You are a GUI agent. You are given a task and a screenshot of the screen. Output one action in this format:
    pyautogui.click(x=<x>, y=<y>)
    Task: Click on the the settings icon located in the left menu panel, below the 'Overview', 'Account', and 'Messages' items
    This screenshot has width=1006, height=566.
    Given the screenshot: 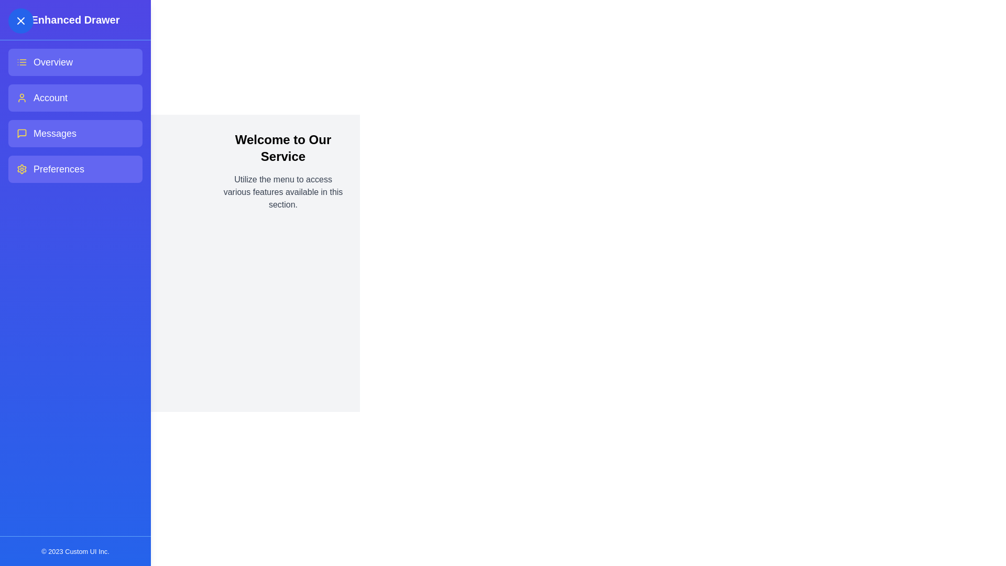 What is the action you would take?
    pyautogui.click(x=22, y=169)
    